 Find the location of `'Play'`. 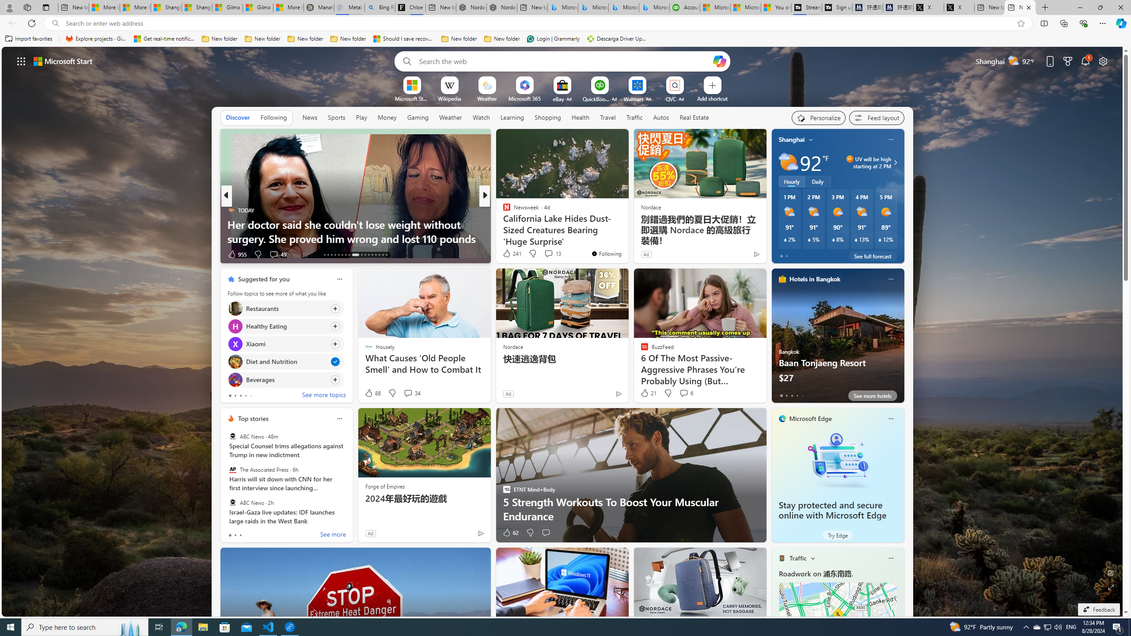

'Play' is located at coordinates (361, 117).